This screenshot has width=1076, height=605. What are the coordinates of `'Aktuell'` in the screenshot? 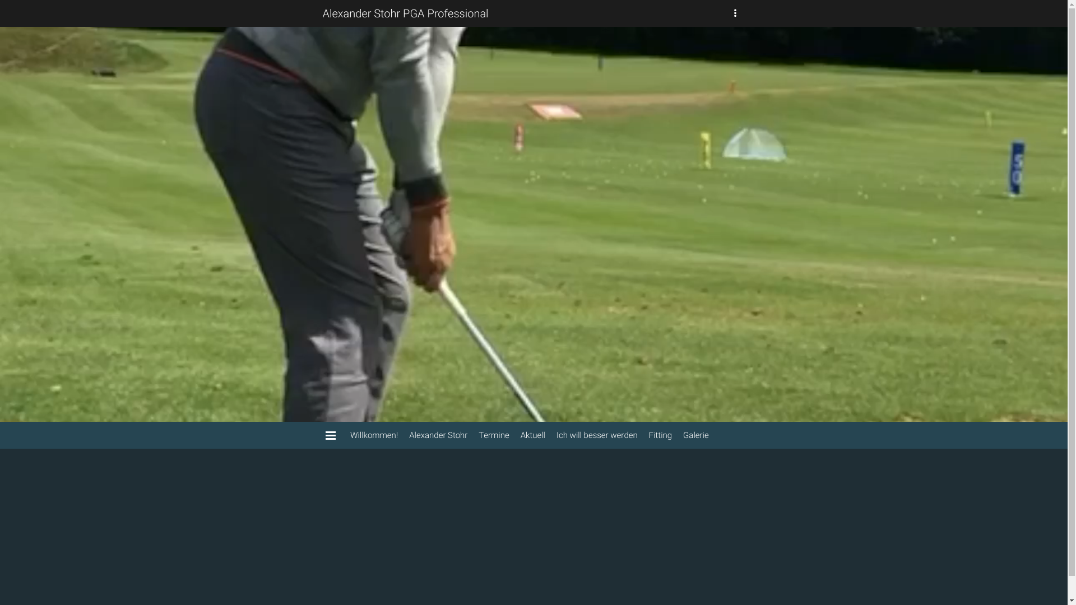 It's located at (532, 434).